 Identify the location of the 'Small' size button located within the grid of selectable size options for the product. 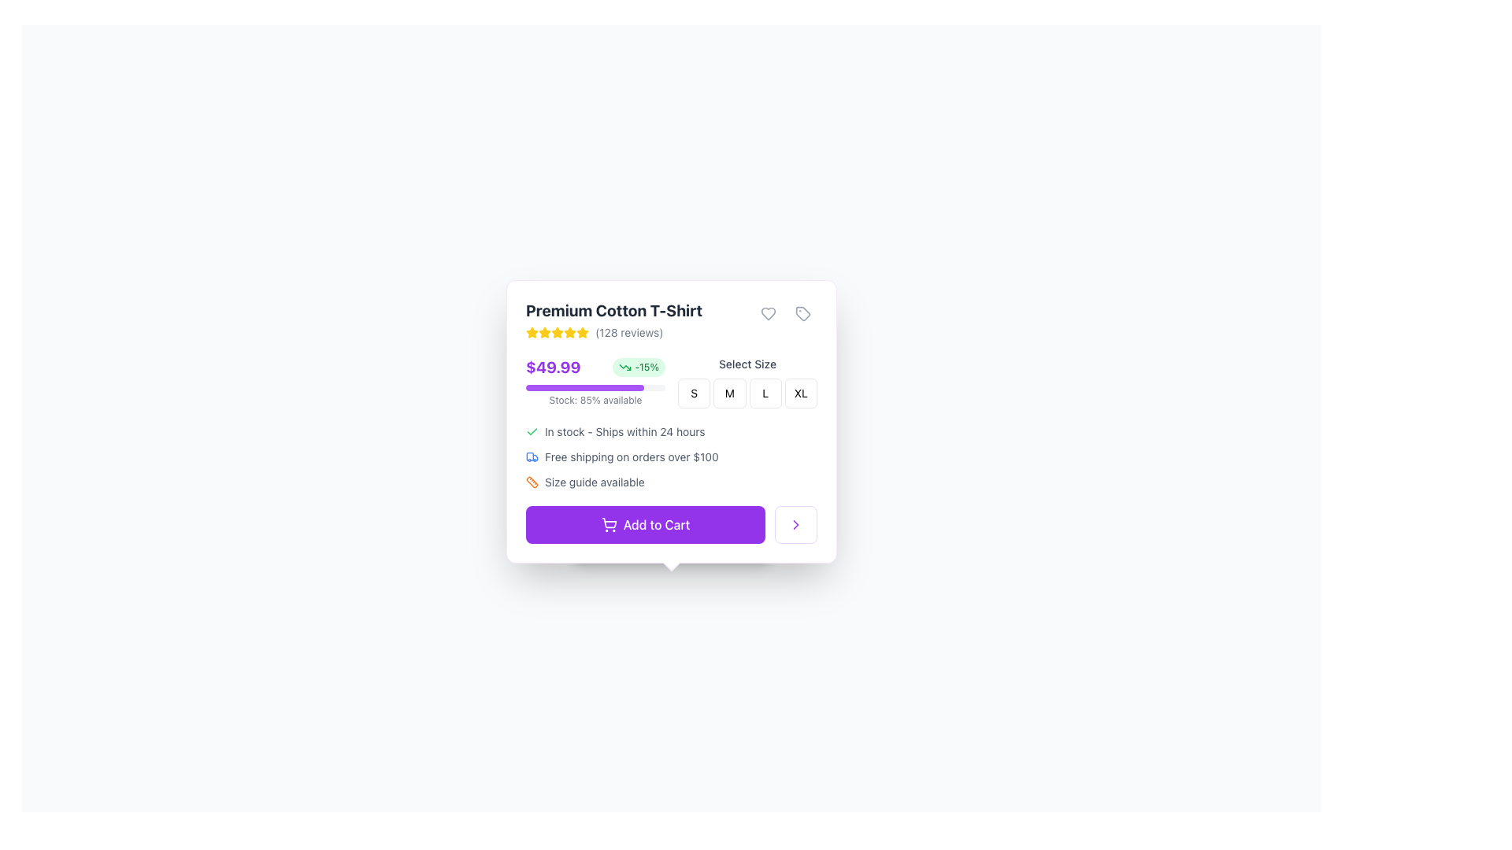
(693, 393).